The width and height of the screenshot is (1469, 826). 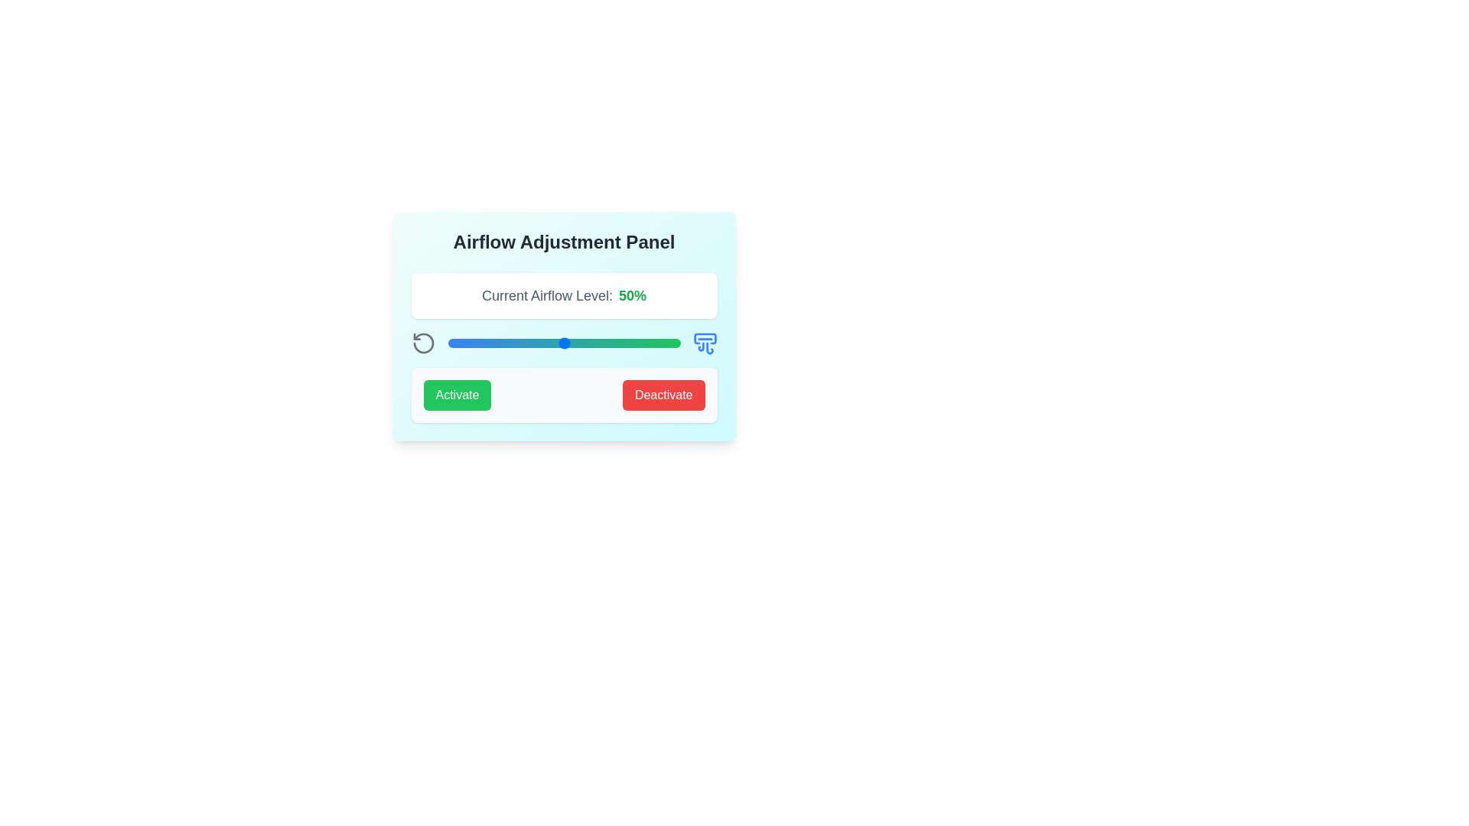 I want to click on the airflow level to 15% by moving the slider, so click(x=482, y=342).